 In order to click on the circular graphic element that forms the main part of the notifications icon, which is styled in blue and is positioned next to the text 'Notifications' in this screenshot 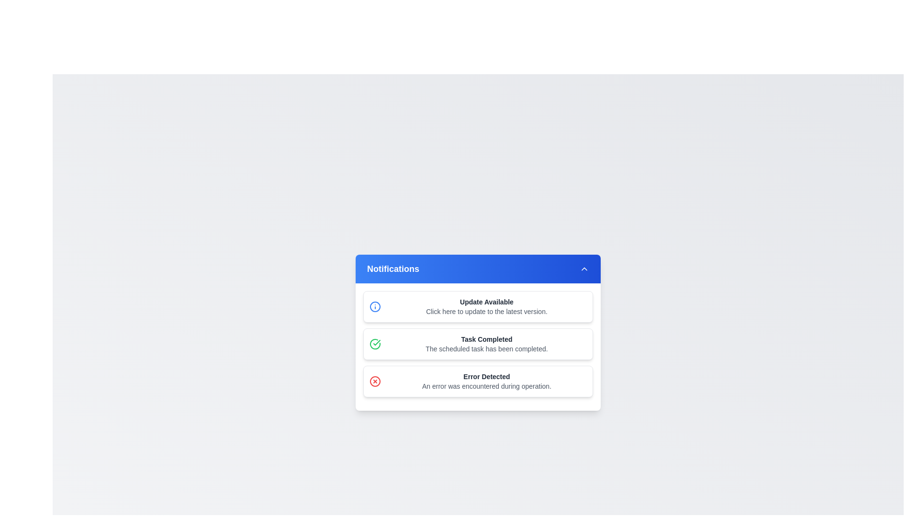, I will do `click(374, 306)`.